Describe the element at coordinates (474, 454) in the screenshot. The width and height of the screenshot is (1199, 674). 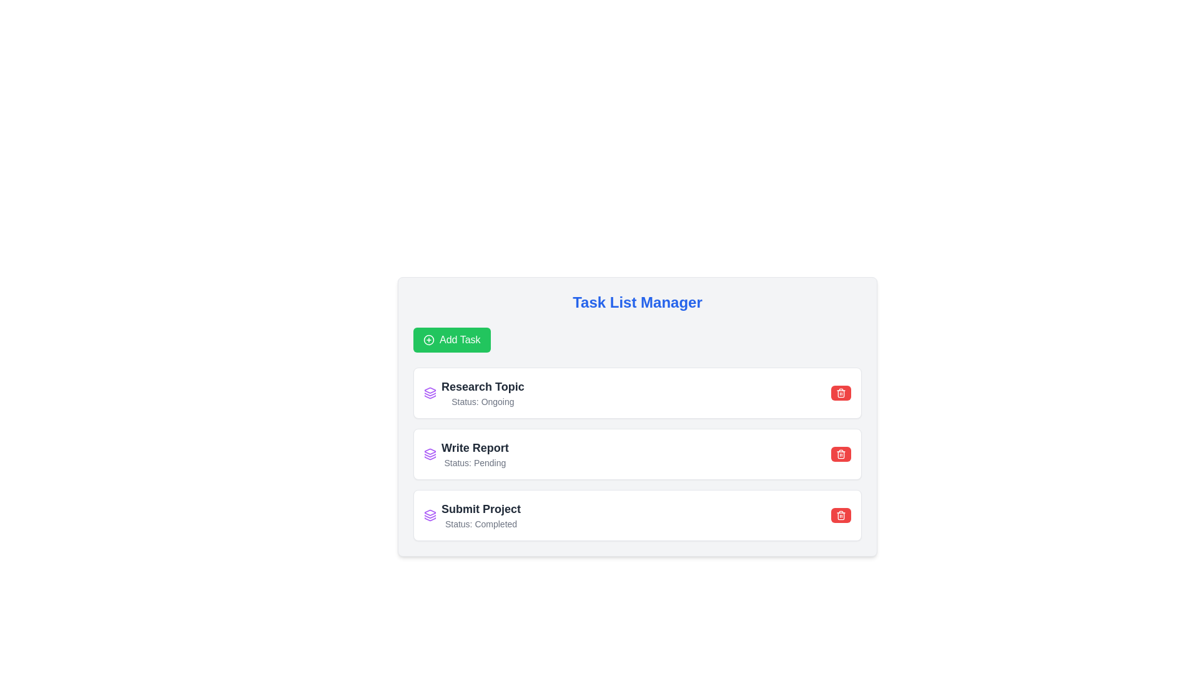
I see `the Text Display element that contains the lines 'Write Report' in bold and 'Status: Pending' in smaller font, positioned centrally within its card` at that location.